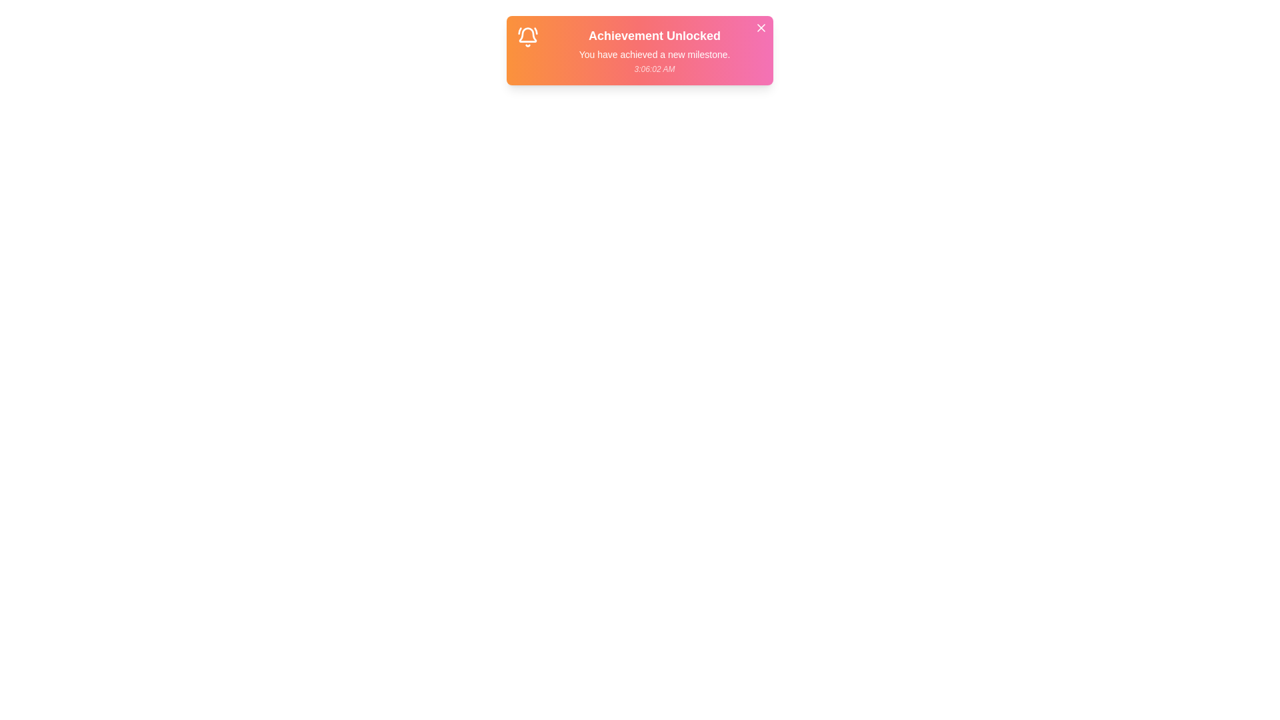 The width and height of the screenshot is (1280, 720). I want to click on the text content of the notification: Title, so click(655, 35).